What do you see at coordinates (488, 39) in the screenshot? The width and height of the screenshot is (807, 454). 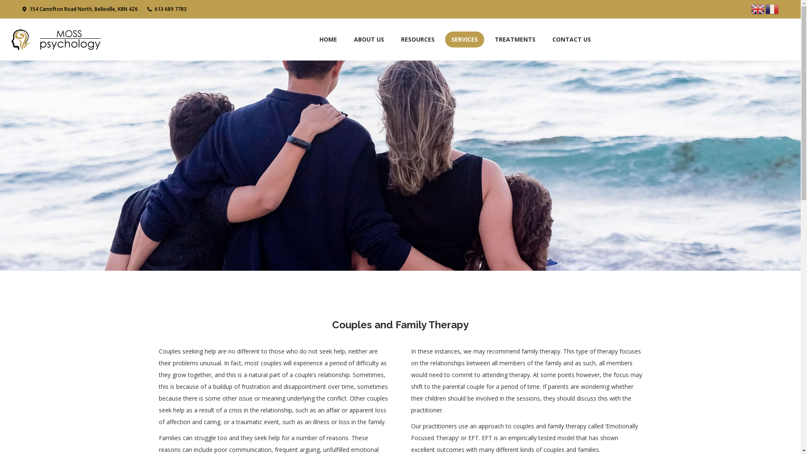 I see `'TREATMENTS'` at bounding box center [488, 39].